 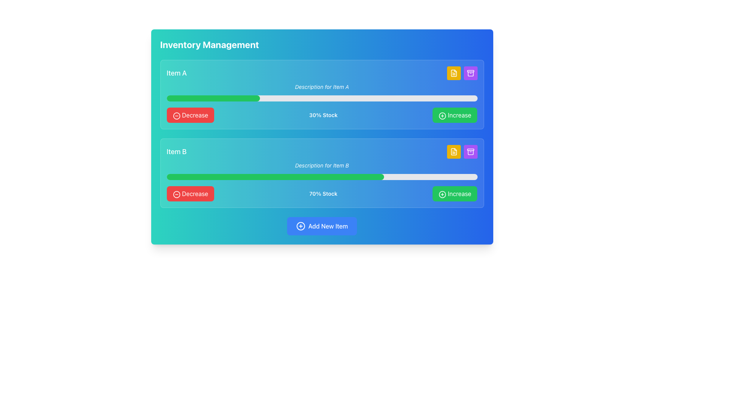 I want to click on the 'Add New Item' button, which is a horizontally-aligned button with a bright blue background, a white plus-circle icon, and white text, located at the bottom section of the interface, so click(x=322, y=226).